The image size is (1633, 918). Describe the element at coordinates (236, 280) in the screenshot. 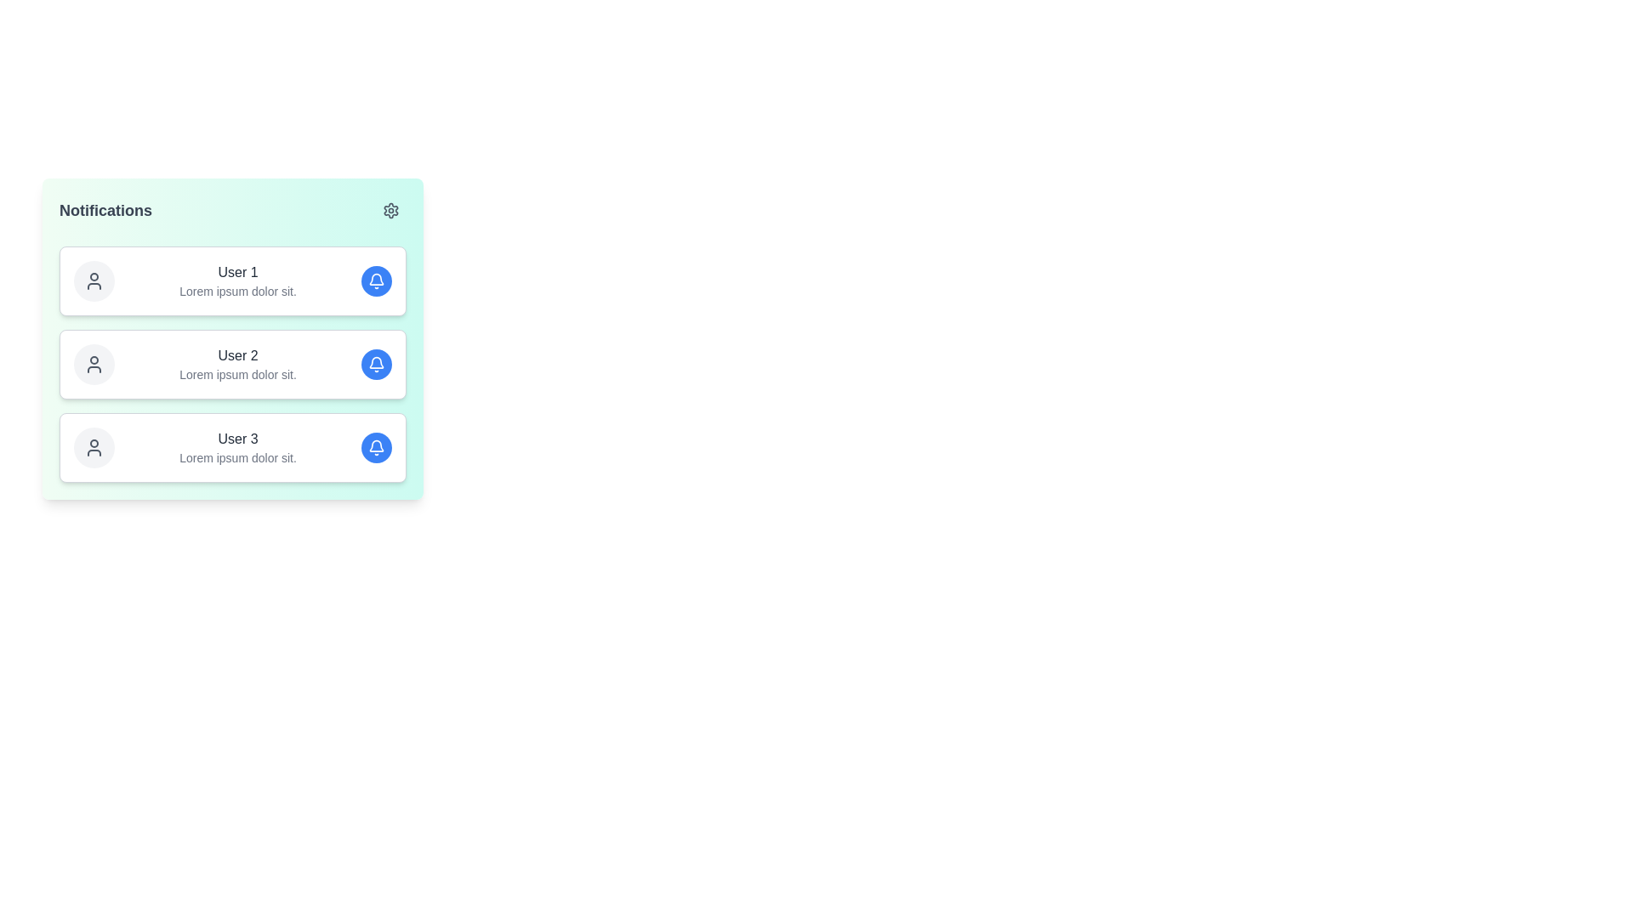

I see `text content of the text display element showing 'User 1' and 'Lorem ipsum dolor sit.' positioned in the topmost notification card` at that location.